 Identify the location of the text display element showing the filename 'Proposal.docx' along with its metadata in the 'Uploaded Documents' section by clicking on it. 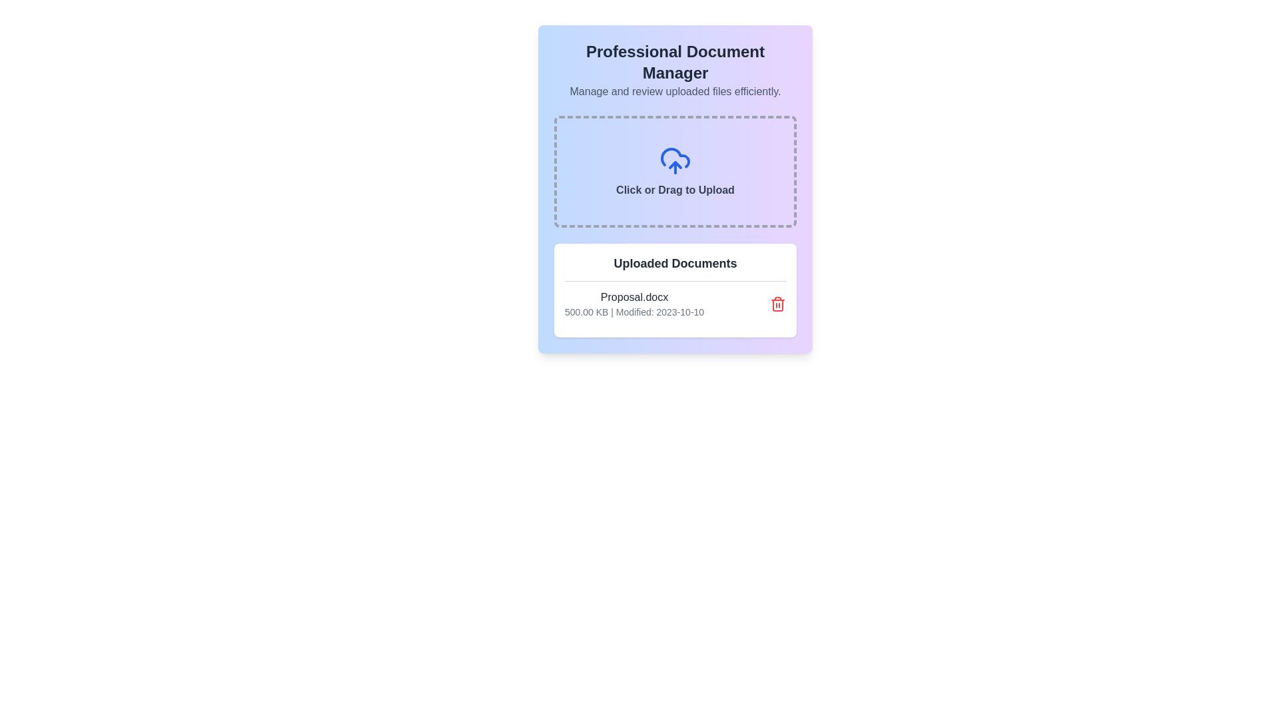
(634, 304).